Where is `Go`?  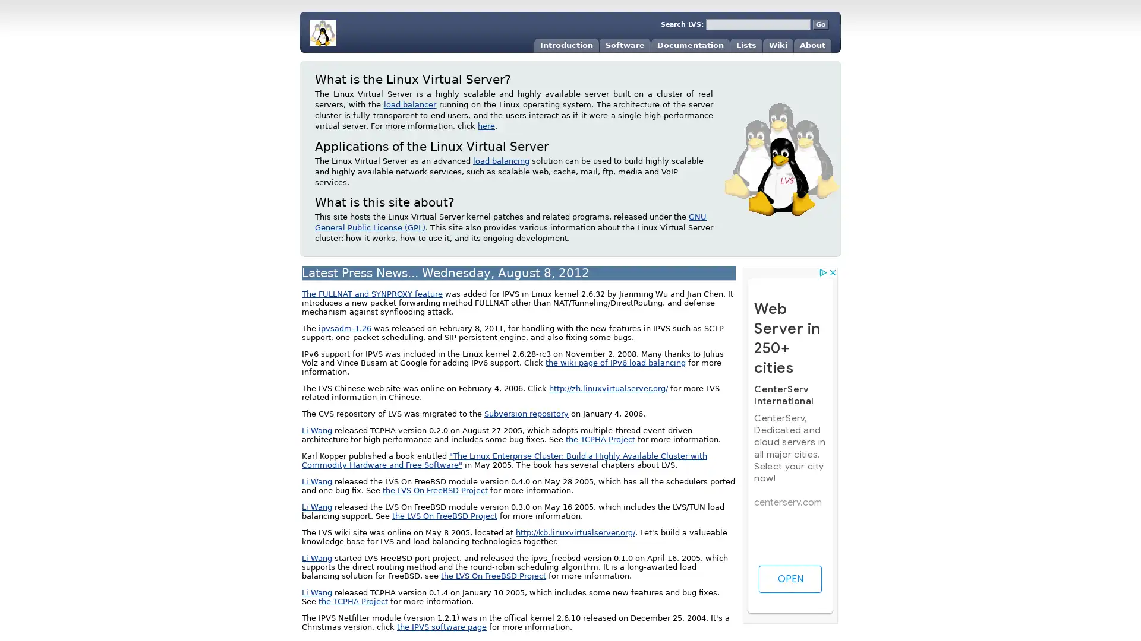 Go is located at coordinates (820, 24).